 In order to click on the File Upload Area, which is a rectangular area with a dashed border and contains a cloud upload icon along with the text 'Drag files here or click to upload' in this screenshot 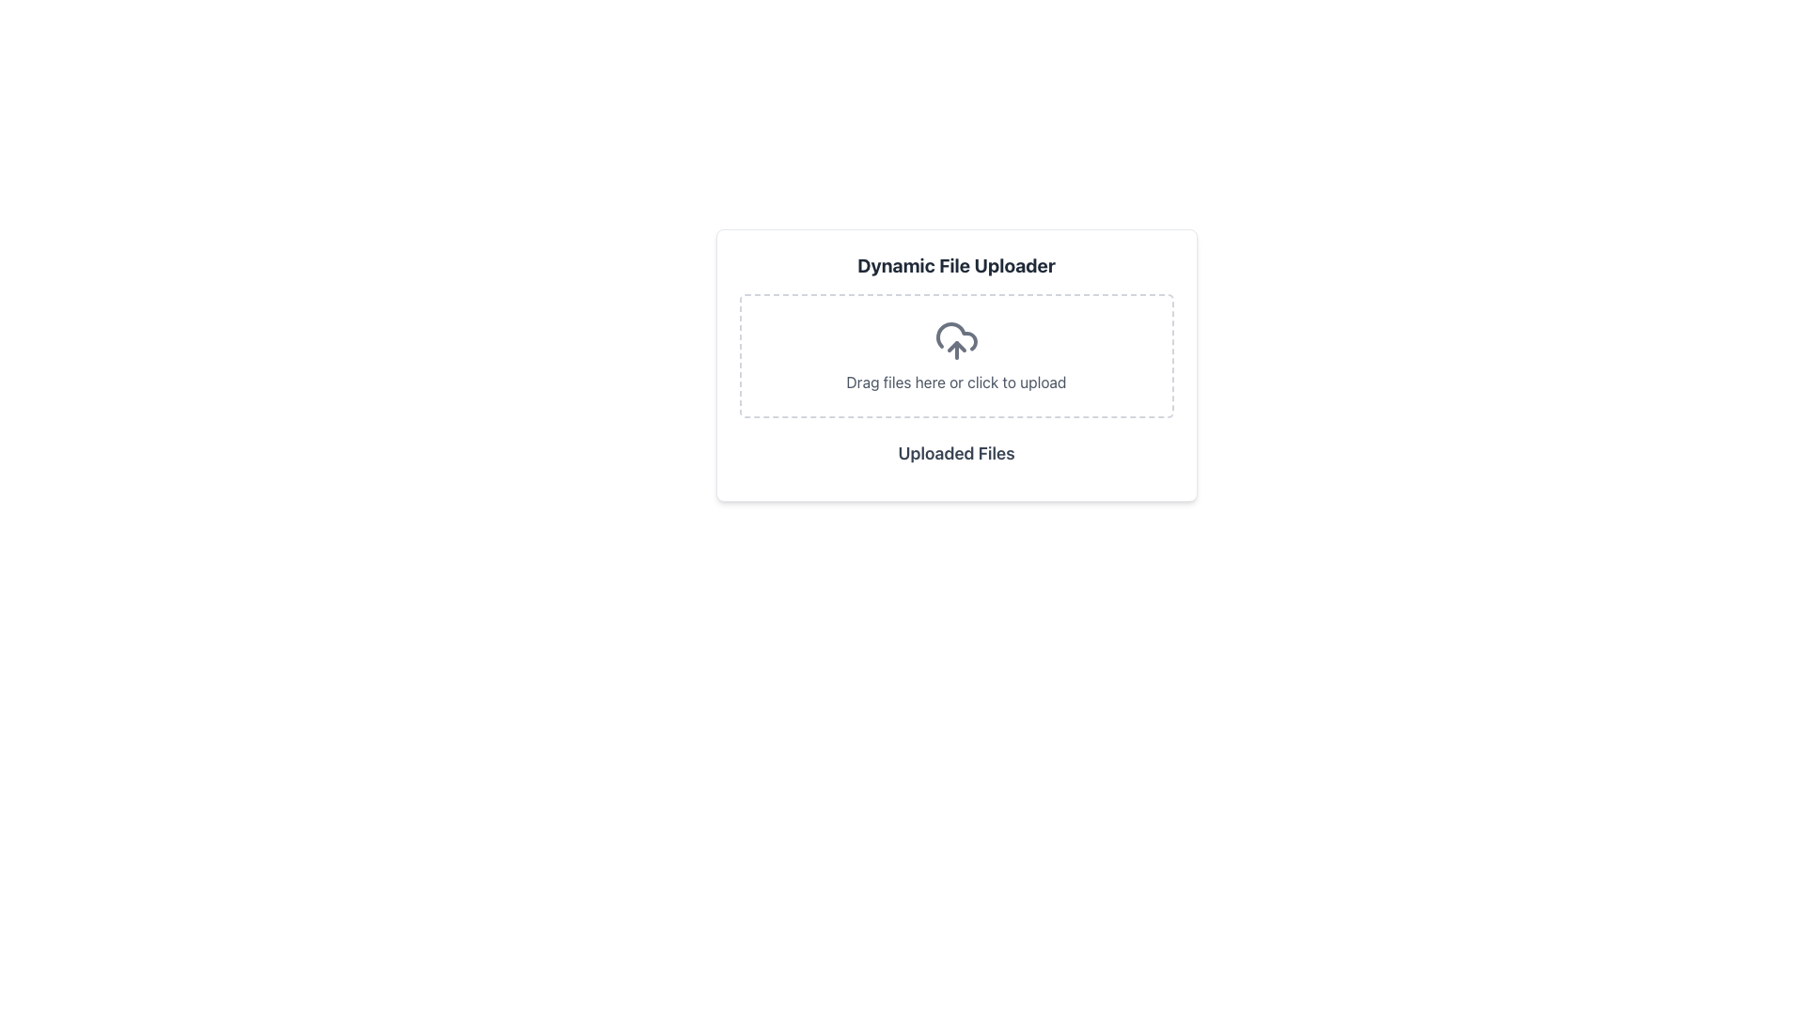, I will do `click(956, 355)`.